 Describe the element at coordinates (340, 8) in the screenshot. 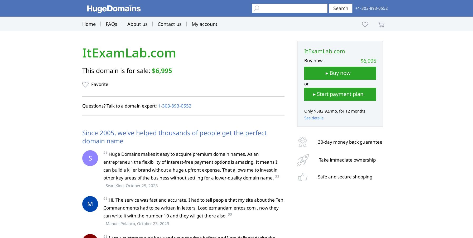

I see `'Search'` at that location.